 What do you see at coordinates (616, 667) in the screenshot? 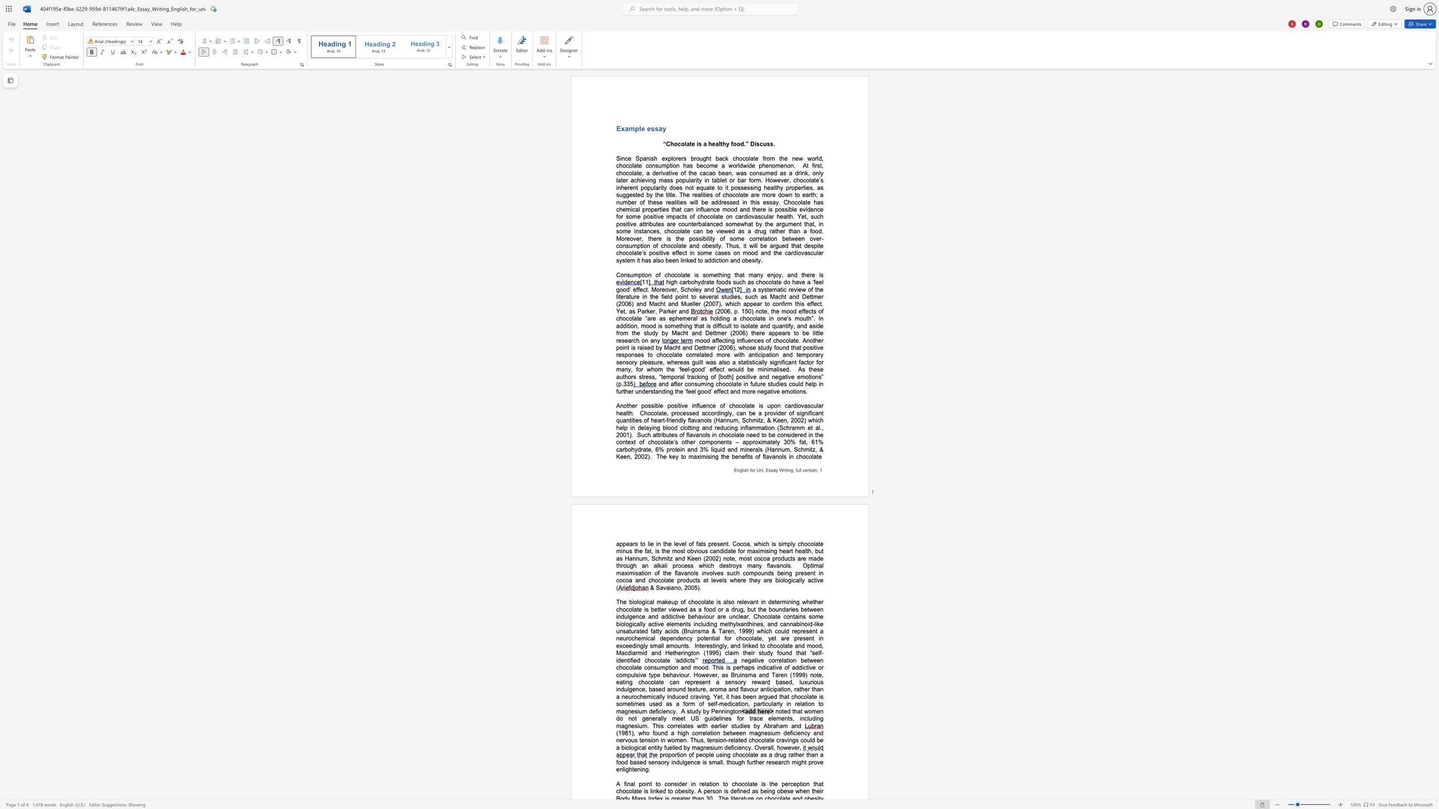
I see `the subset text "chocol" within the text "negative correlation between chocolate consumption and mood. This is"` at bounding box center [616, 667].